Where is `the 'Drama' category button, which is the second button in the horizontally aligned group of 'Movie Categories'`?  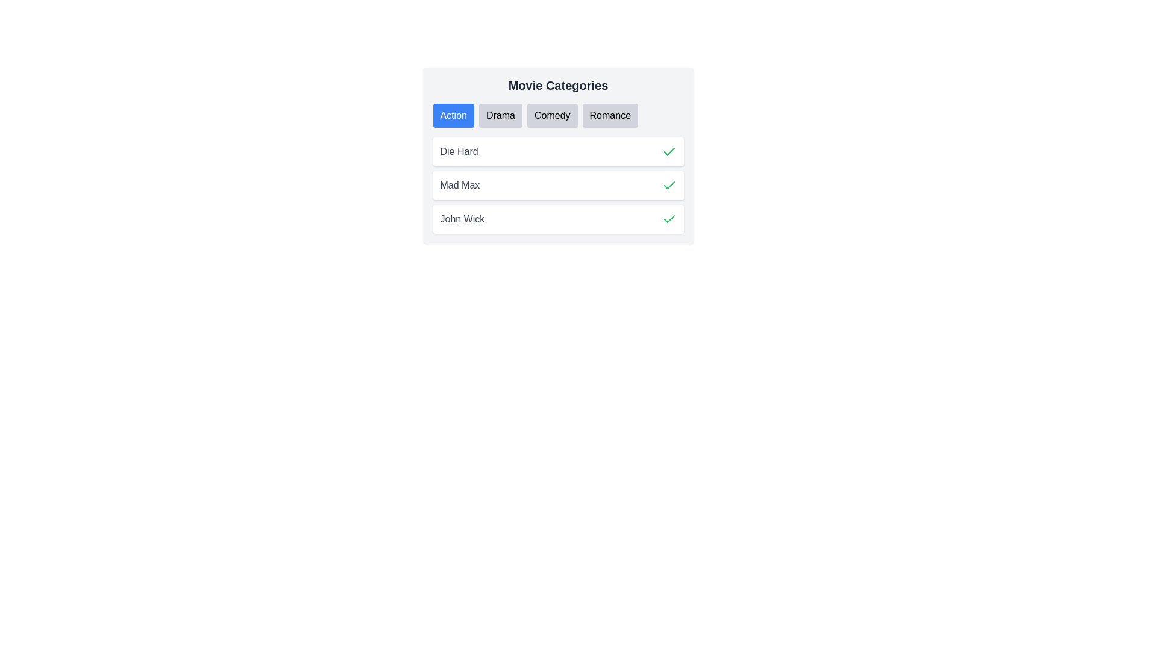 the 'Drama' category button, which is the second button in the horizontally aligned group of 'Movie Categories' is located at coordinates (500, 116).